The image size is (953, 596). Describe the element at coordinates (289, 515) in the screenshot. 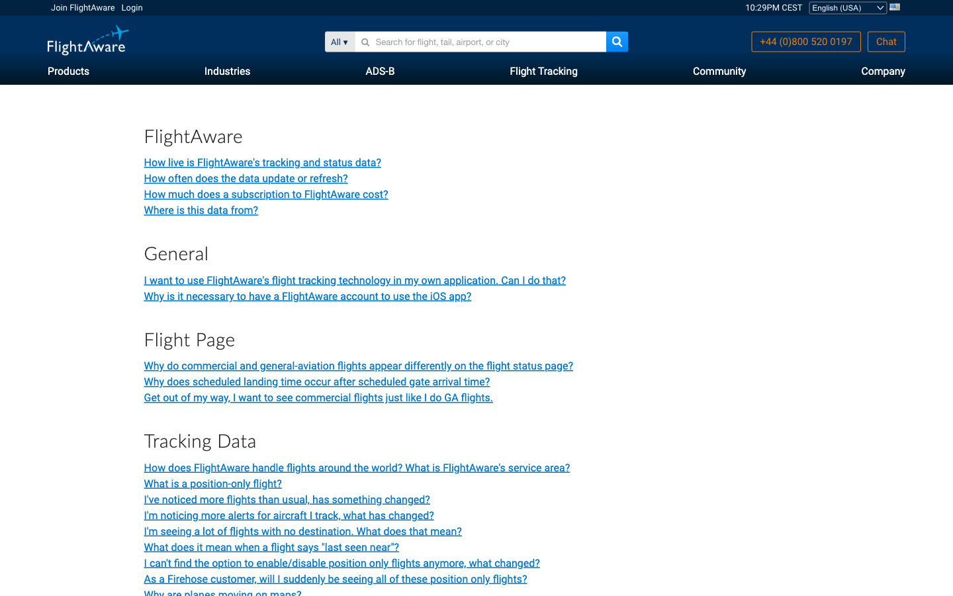

I see `Validate the live tracking and status information provided by FlightAware` at that location.